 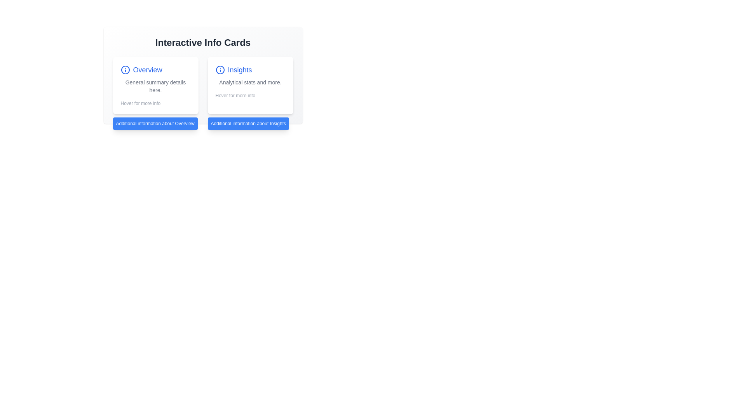 I want to click on the circular blue outlined icon located at the center of the 'Insights' card, so click(x=220, y=70).